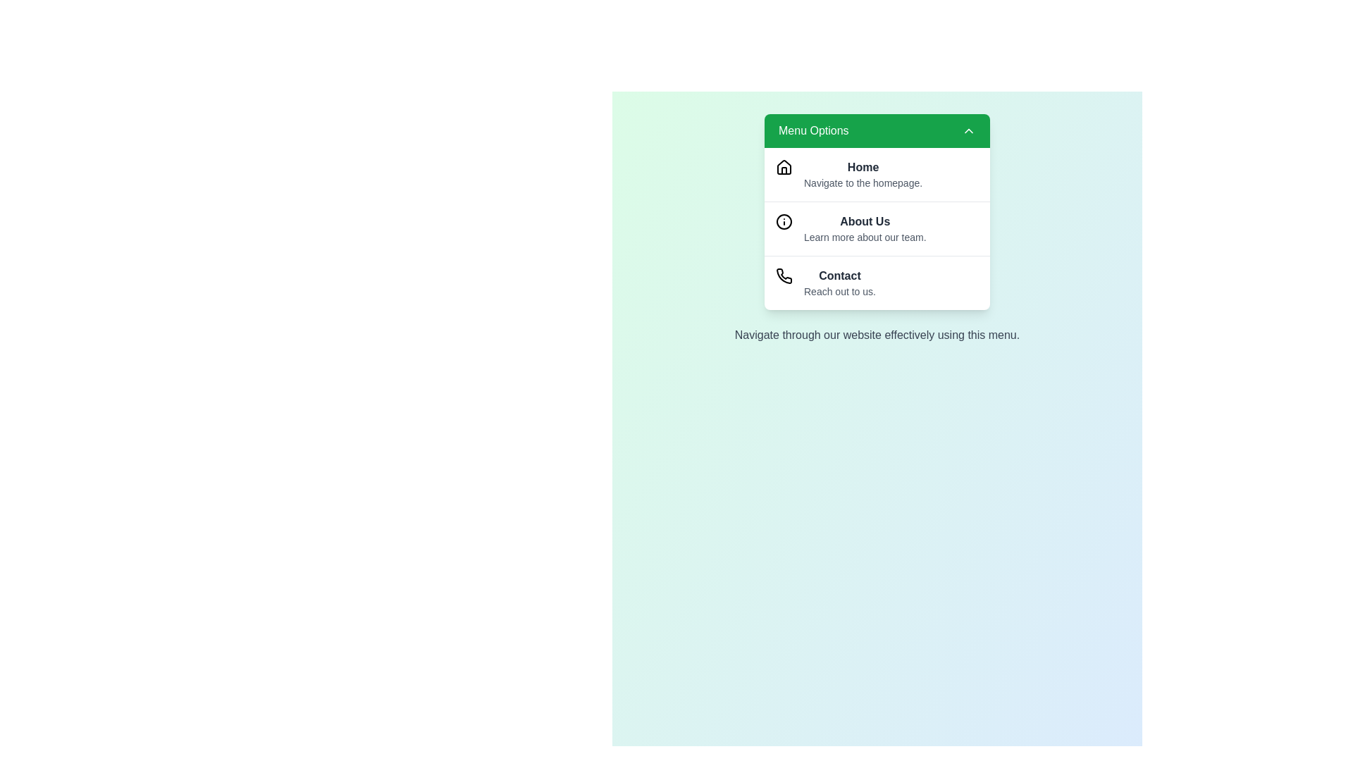 The image size is (1353, 761). Describe the element at coordinates (876, 130) in the screenshot. I see `the toggle button to expand or collapse the menu` at that location.